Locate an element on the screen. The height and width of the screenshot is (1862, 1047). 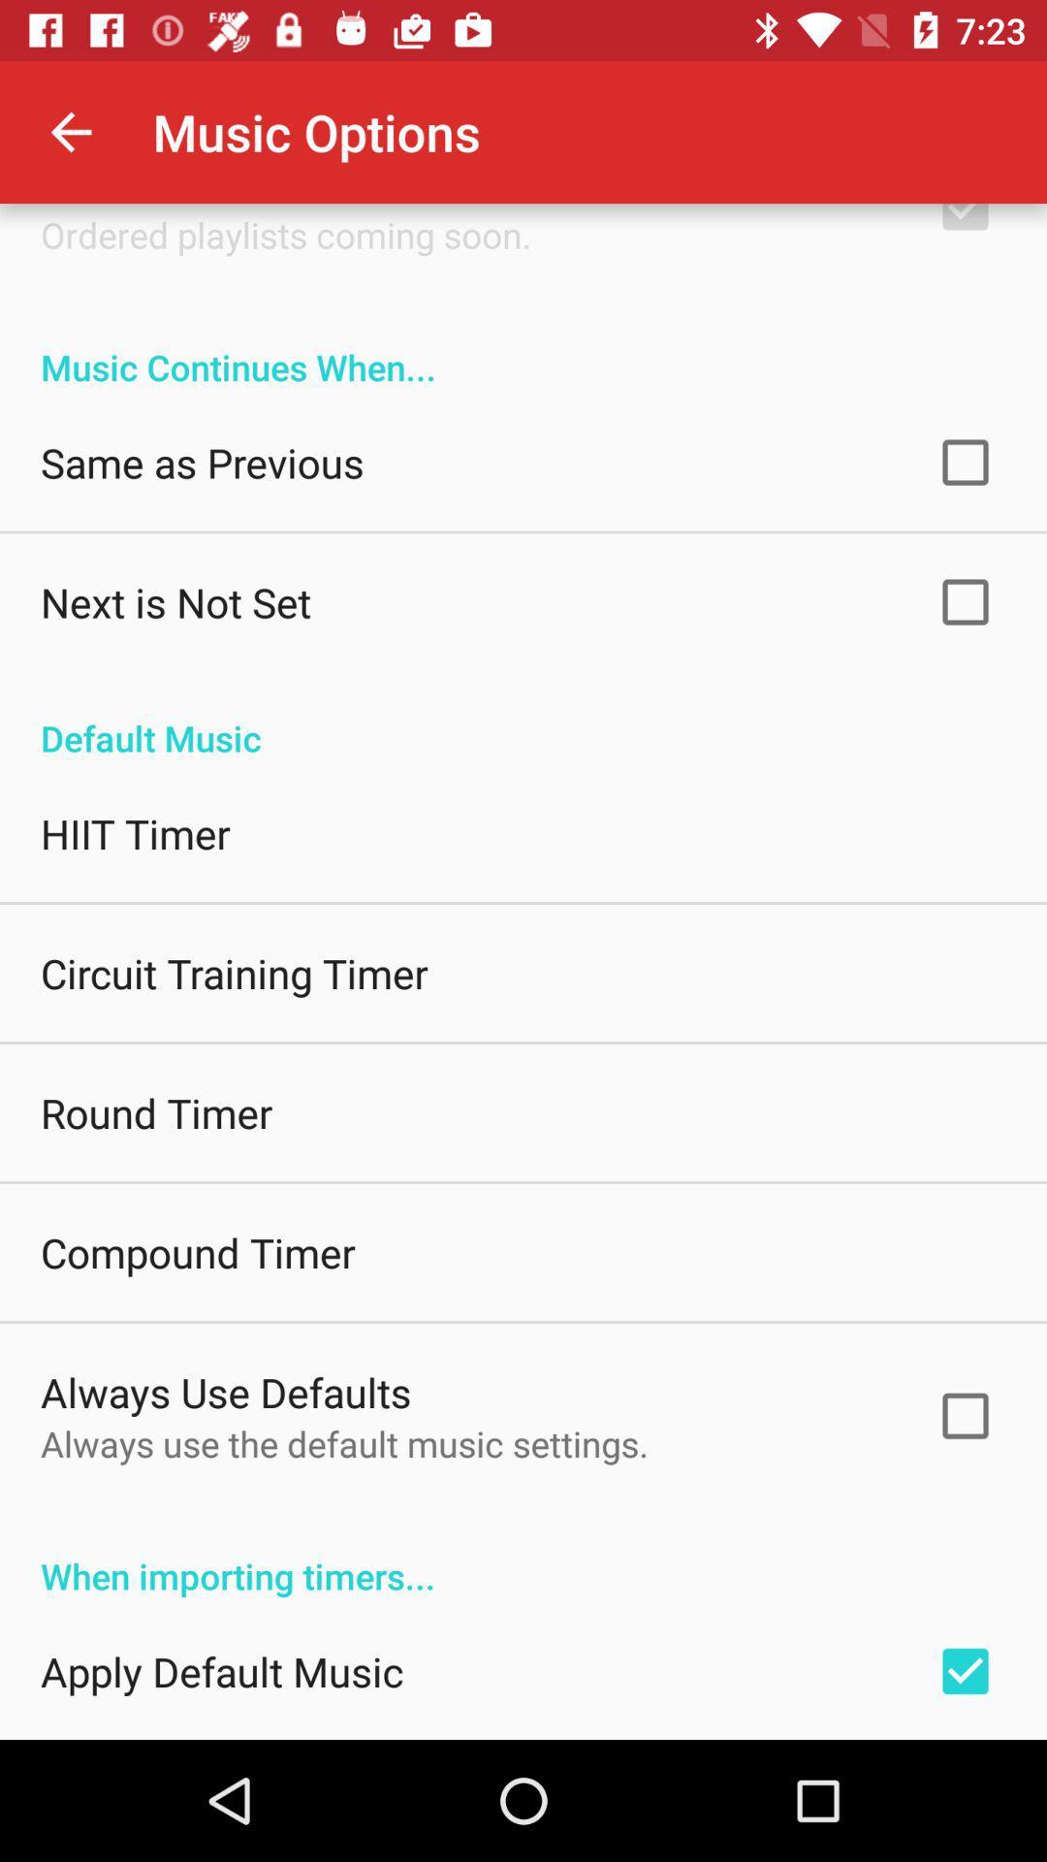
icon below music continues when... item is located at coordinates (202, 461).